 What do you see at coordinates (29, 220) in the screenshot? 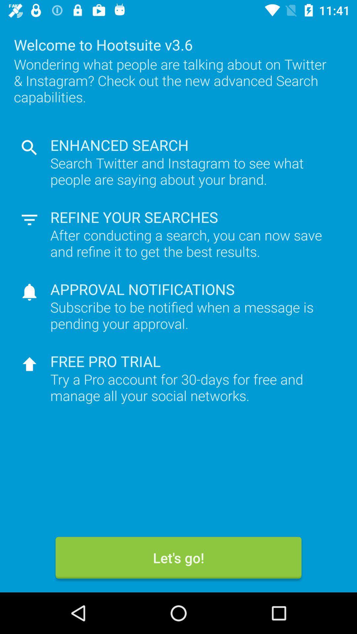
I see `the icon left to refine your searches` at bounding box center [29, 220].